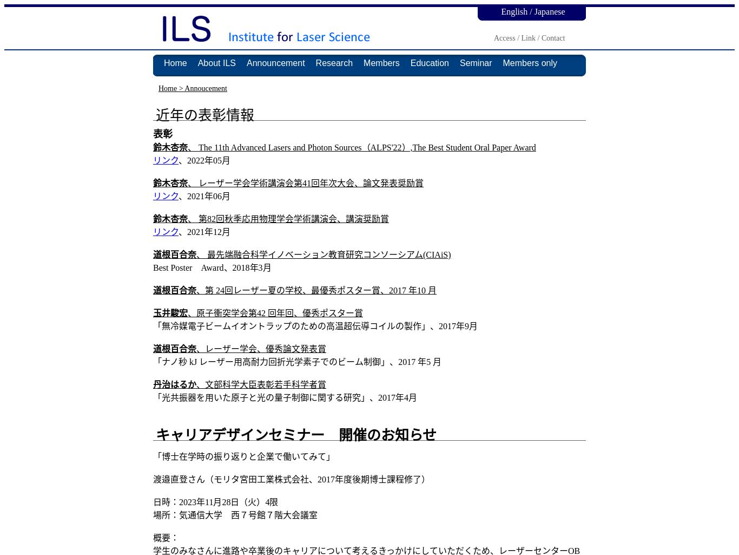 The image size is (739, 555). Describe the element at coordinates (528, 37) in the screenshot. I see `'Link'` at that location.